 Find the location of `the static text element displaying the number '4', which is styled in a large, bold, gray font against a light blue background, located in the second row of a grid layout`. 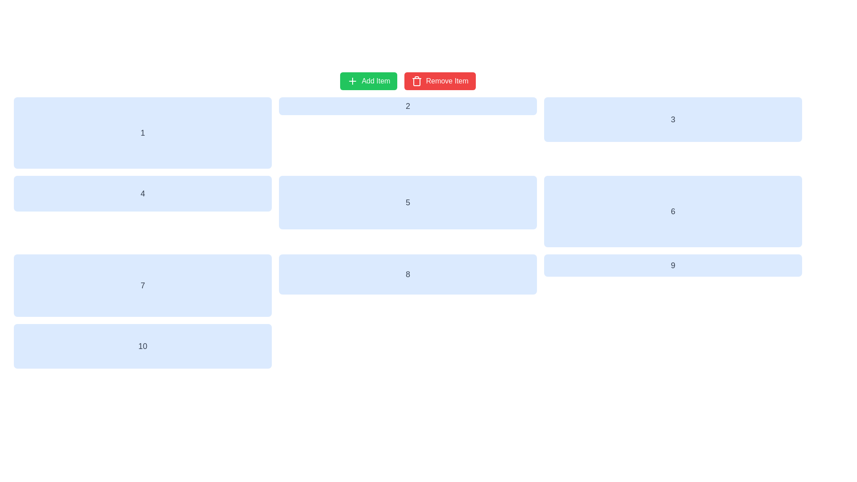

the static text element displaying the number '4', which is styled in a large, bold, gray font against a light blue background, located in the second row of a grid layout is located at coordinates (143, 193).